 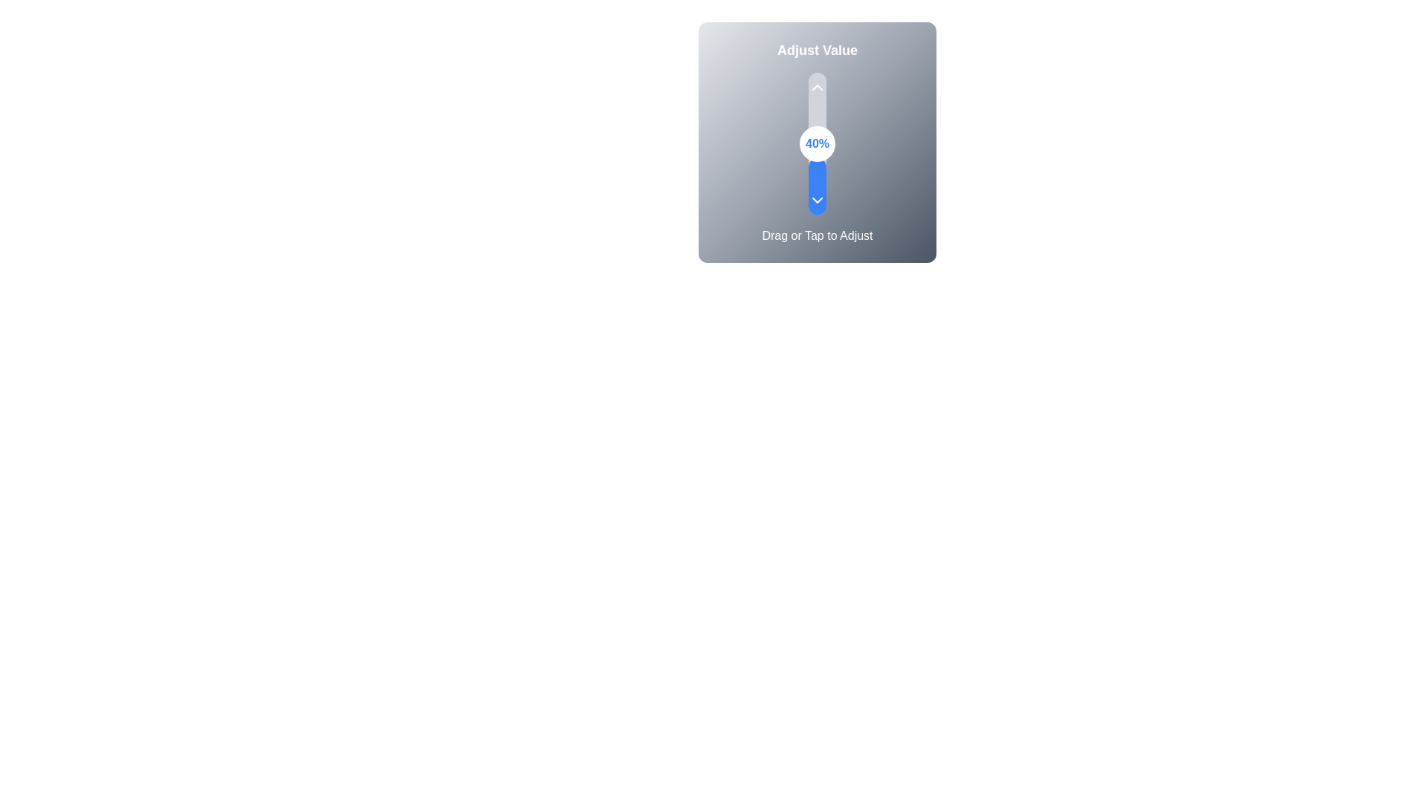 I want to click on the slider value, so click(x=816, y=91).